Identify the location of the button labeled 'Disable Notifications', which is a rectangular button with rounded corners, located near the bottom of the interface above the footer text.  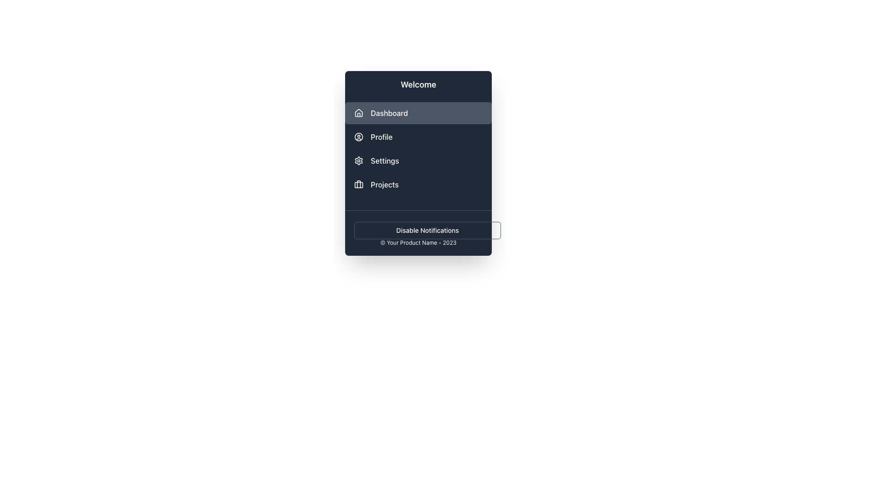
(418, 225).